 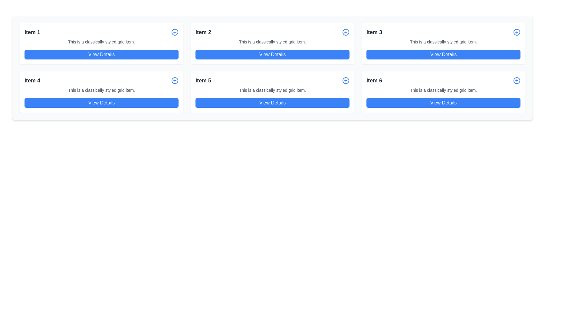 What do you see at coordinates (101, 102) in the screenshot?
I see `the button at the bottom of the grid item labeled 'Item 4'` at bounding box center [101, 102].